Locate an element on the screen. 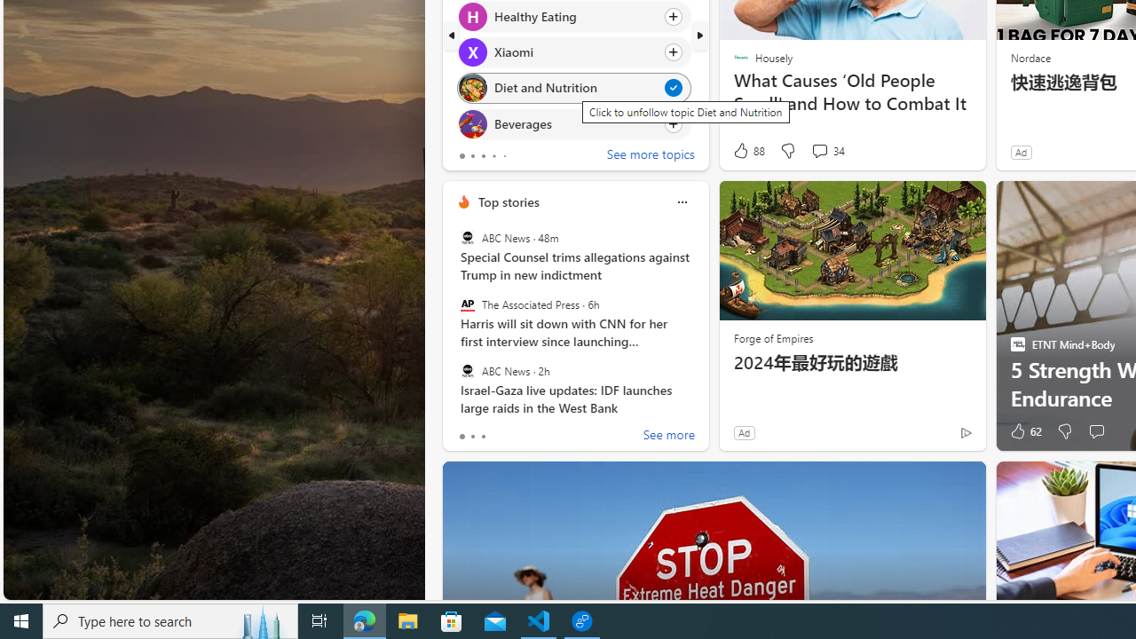  'Ad Choice' is located at coordinates (965, 432).